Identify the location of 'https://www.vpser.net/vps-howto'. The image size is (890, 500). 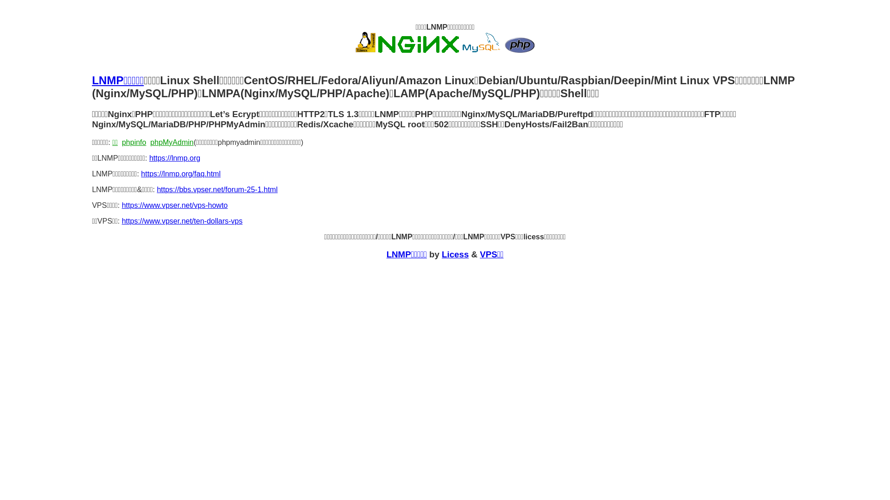
(175, 205).